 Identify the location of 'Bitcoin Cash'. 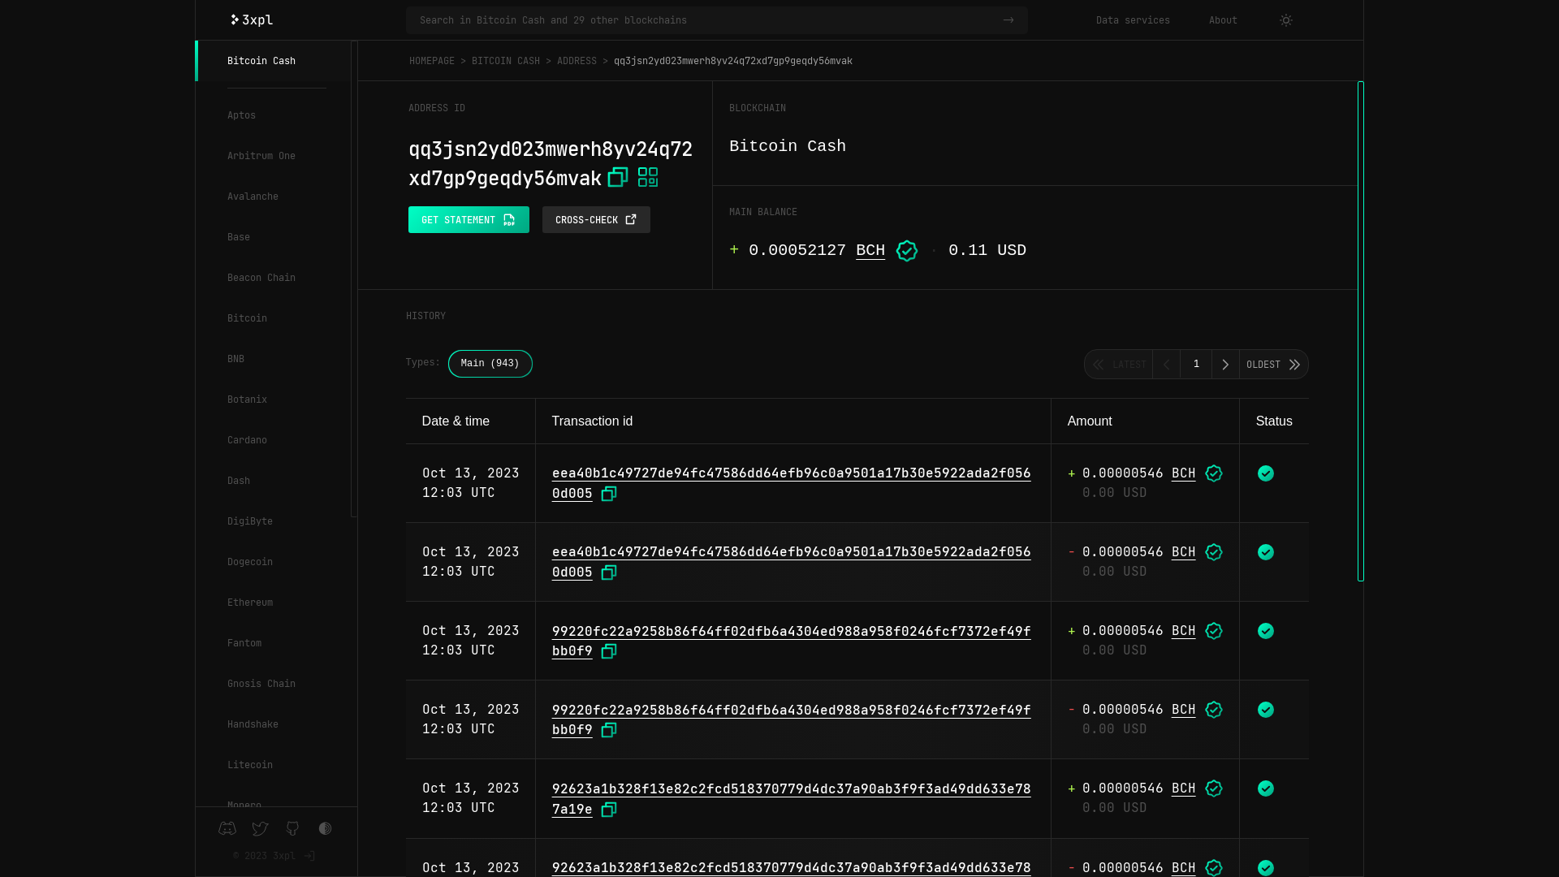
(273, 59).